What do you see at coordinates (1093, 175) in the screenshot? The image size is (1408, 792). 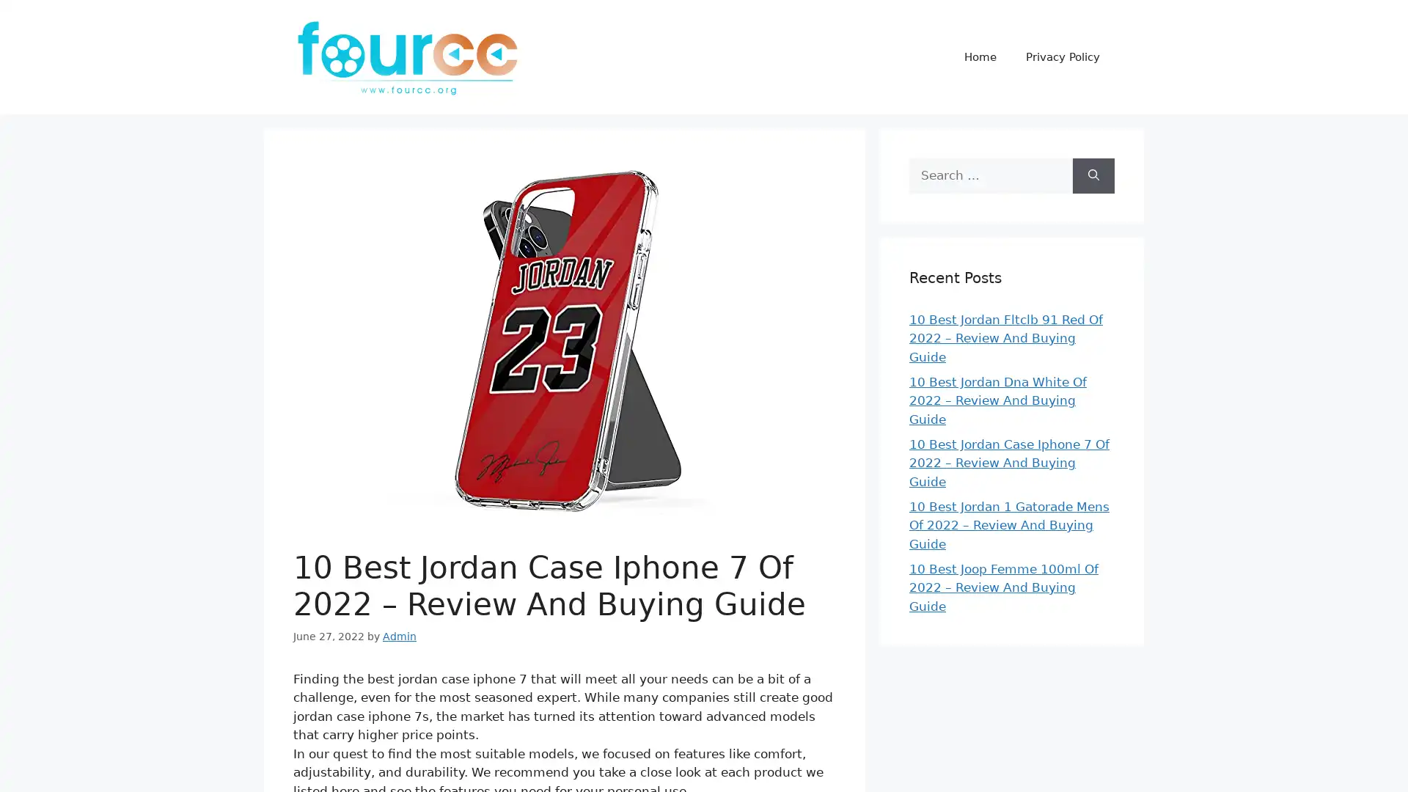 I see `Search` at bounding box center [1093, 175].